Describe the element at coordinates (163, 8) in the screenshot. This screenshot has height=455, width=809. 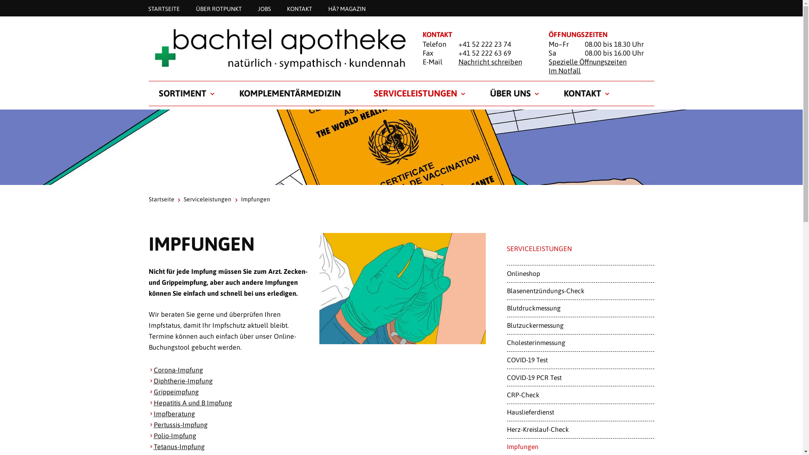
I see `'STARTSEITE'` at that location.